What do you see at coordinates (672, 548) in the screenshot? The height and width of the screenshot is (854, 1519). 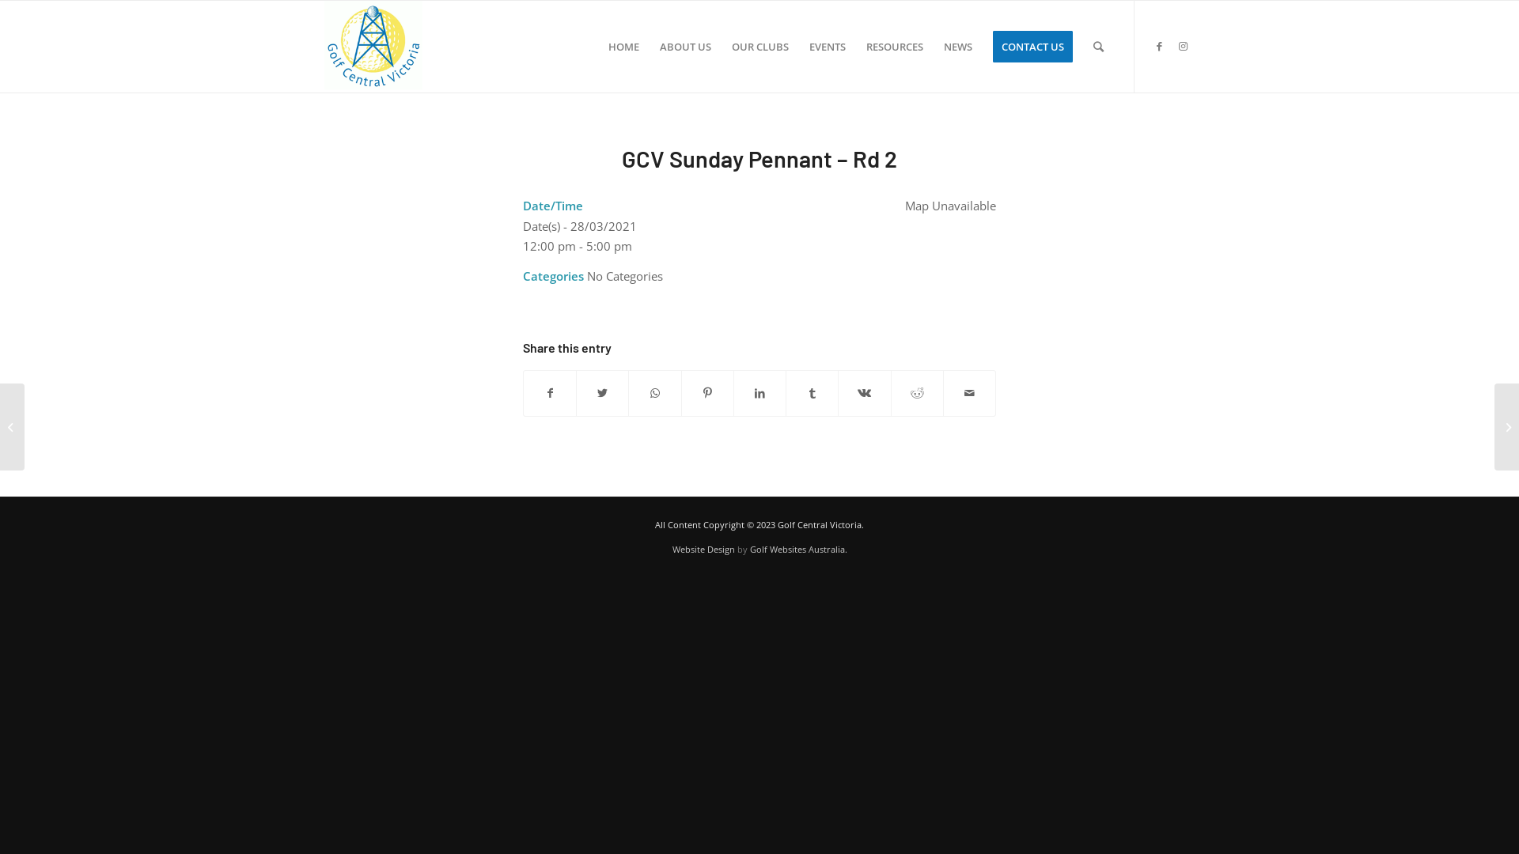 I see `'Website Design'` at bounding box center [672, 548].